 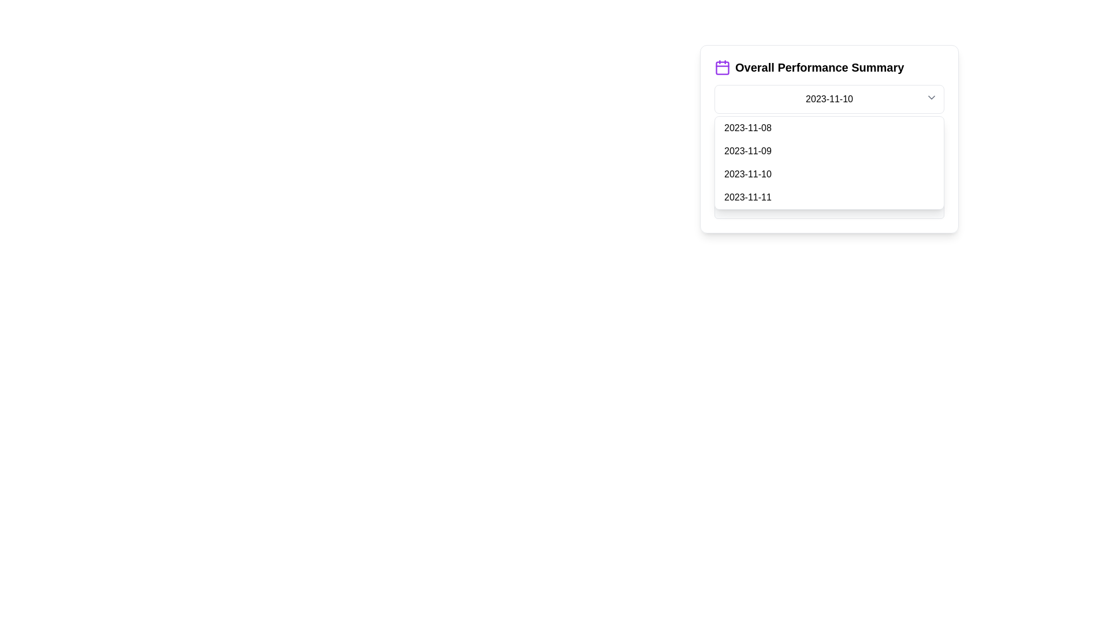 What do you see at coordinates (722, 68) in the screenshot?
I see `the decorative graphical element within the calendar icon located at the top-left of the performance summary card` at bounding box center [722, 68].